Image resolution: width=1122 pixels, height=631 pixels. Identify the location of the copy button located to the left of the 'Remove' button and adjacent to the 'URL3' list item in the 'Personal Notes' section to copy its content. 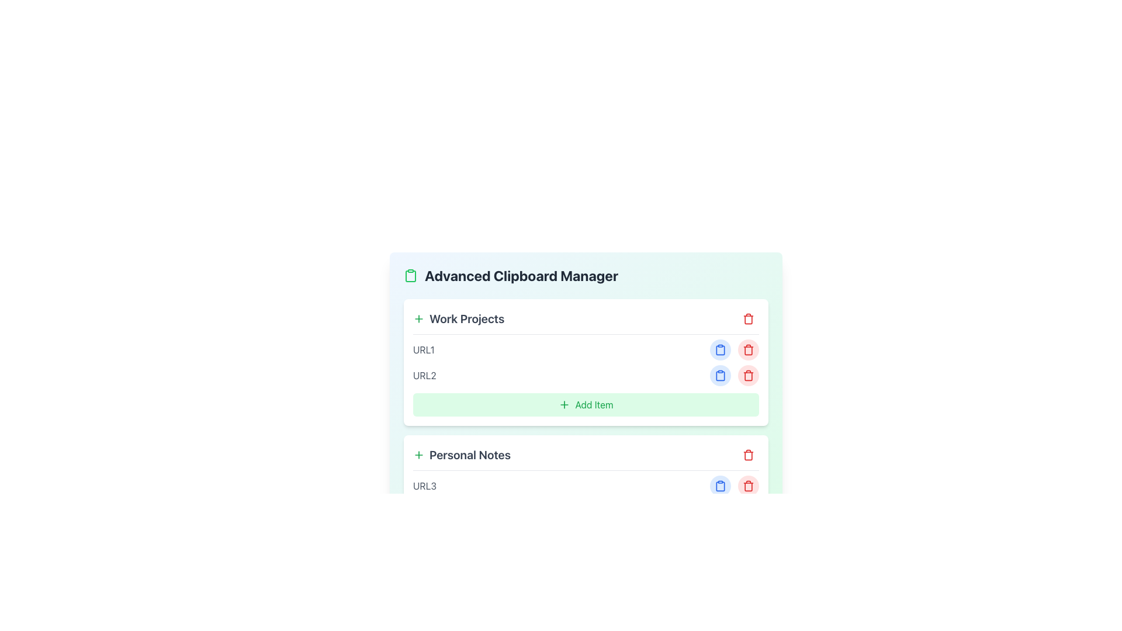
(720, 486).